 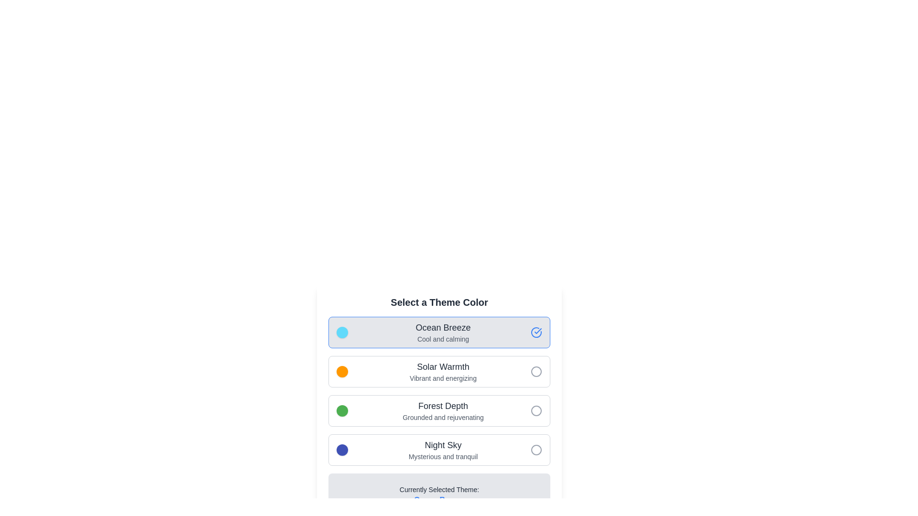 I want to click on the 'Ocean Breeze' theme indicator icon located to the right of the text to confirm the selection, so click(x=536, y=332).